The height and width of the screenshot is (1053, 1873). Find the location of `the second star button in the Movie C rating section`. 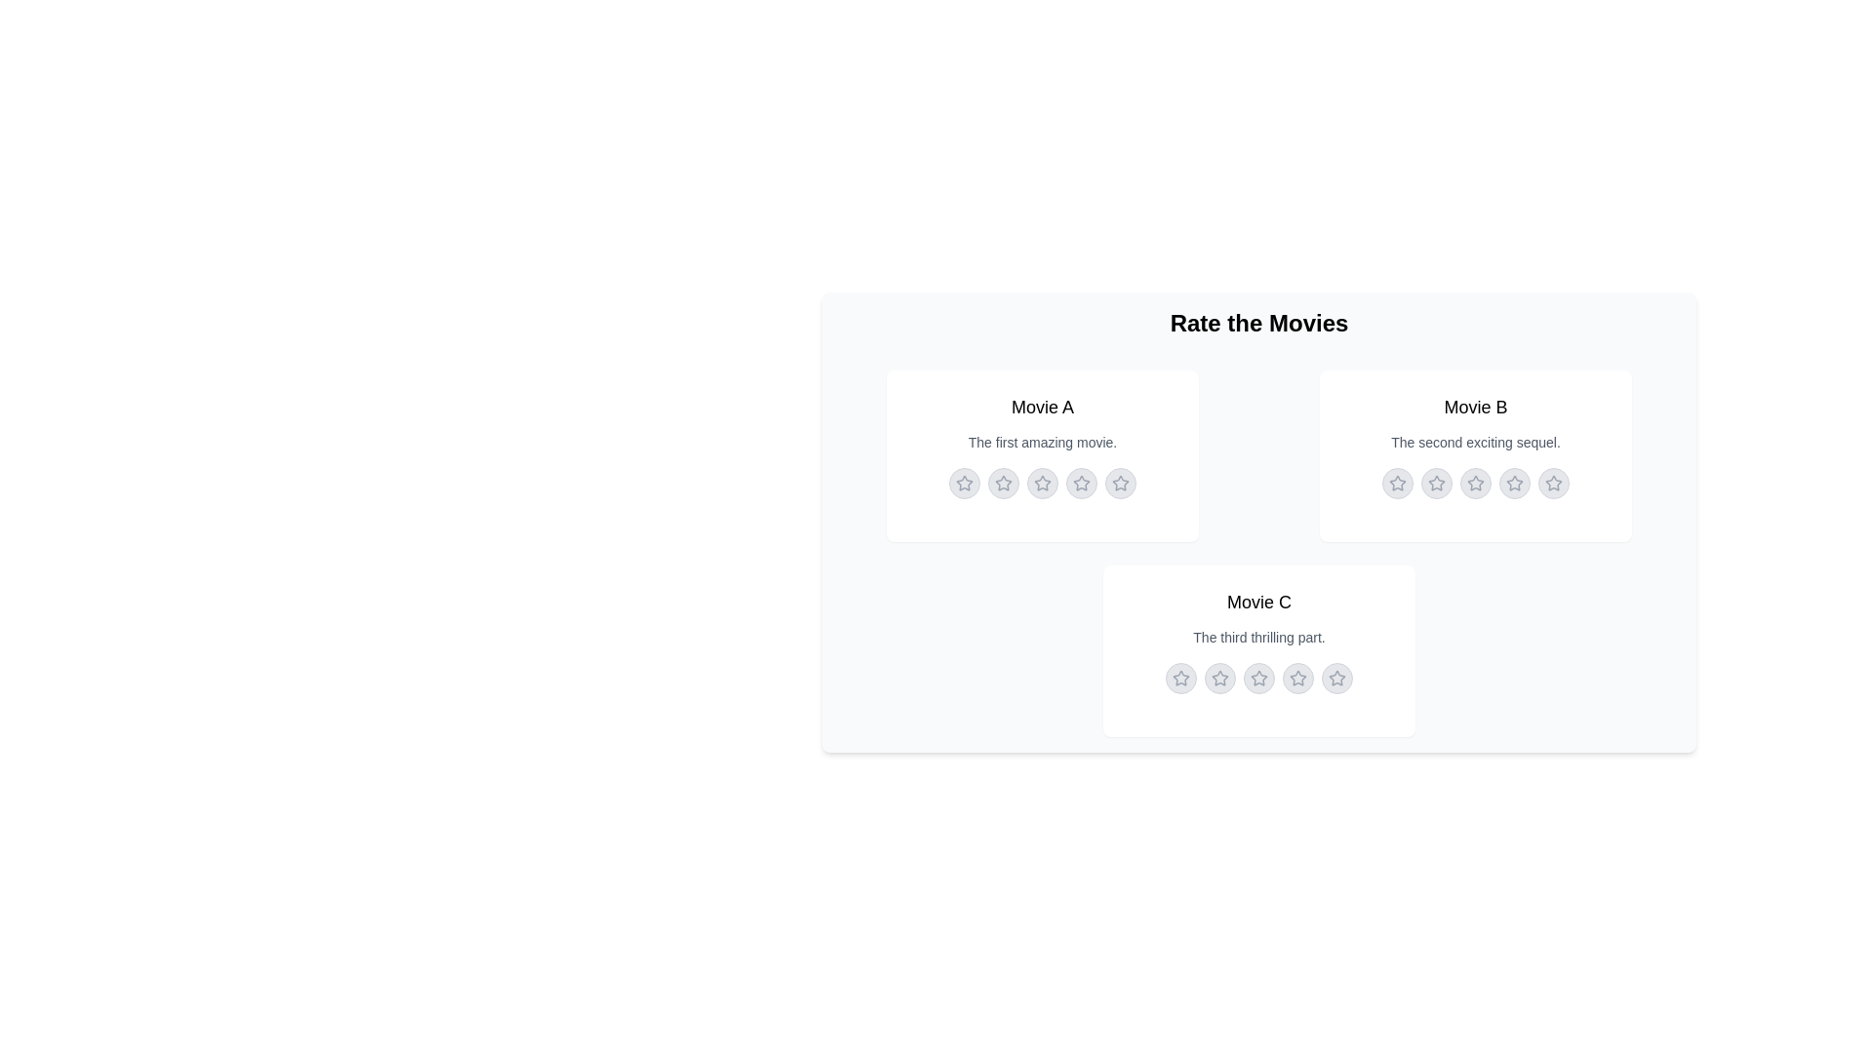

the second star button in the Movie C rating section is located at coordinates (1219, 677).